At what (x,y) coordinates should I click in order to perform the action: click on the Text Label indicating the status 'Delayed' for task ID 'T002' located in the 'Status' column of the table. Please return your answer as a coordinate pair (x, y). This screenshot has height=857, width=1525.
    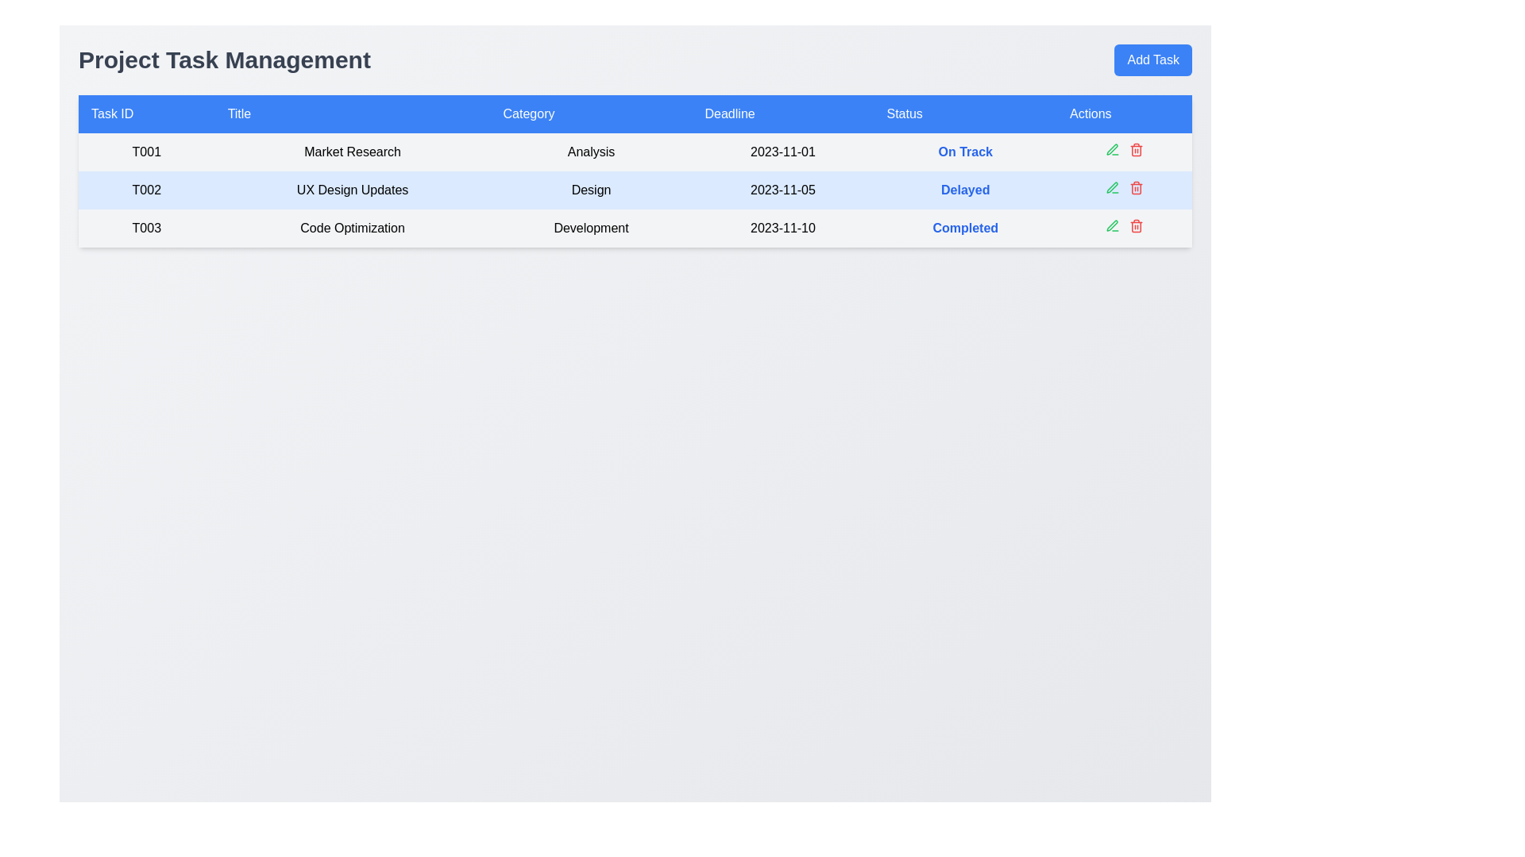
    Looking at the image, I should click on (964, 189).